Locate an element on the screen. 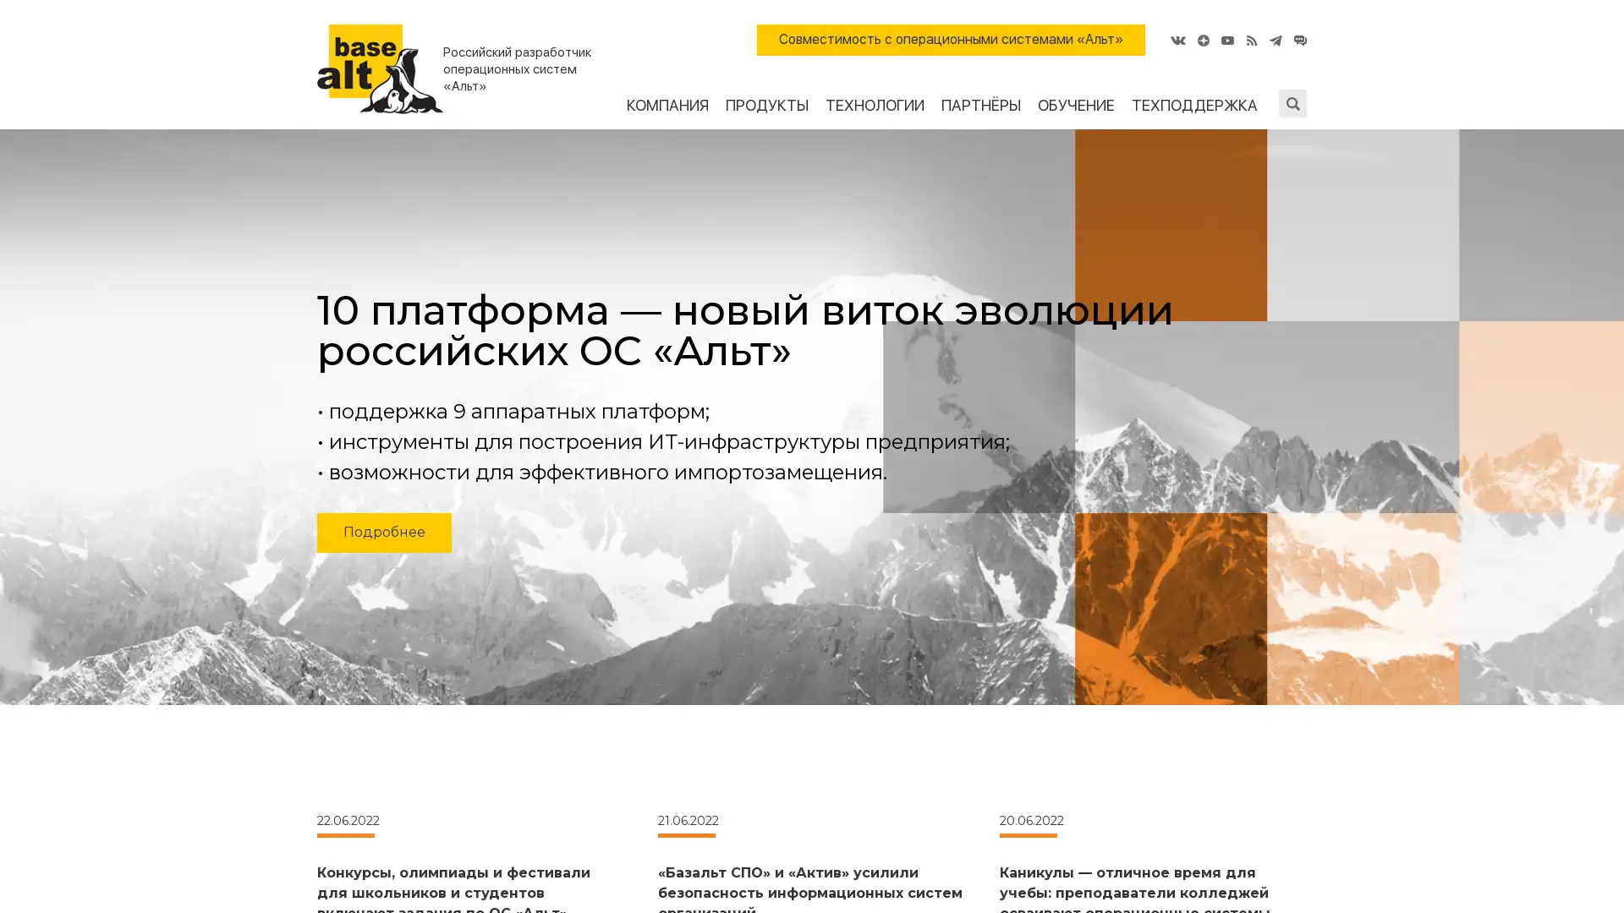  Submit is located at coordinates (1292, 103).